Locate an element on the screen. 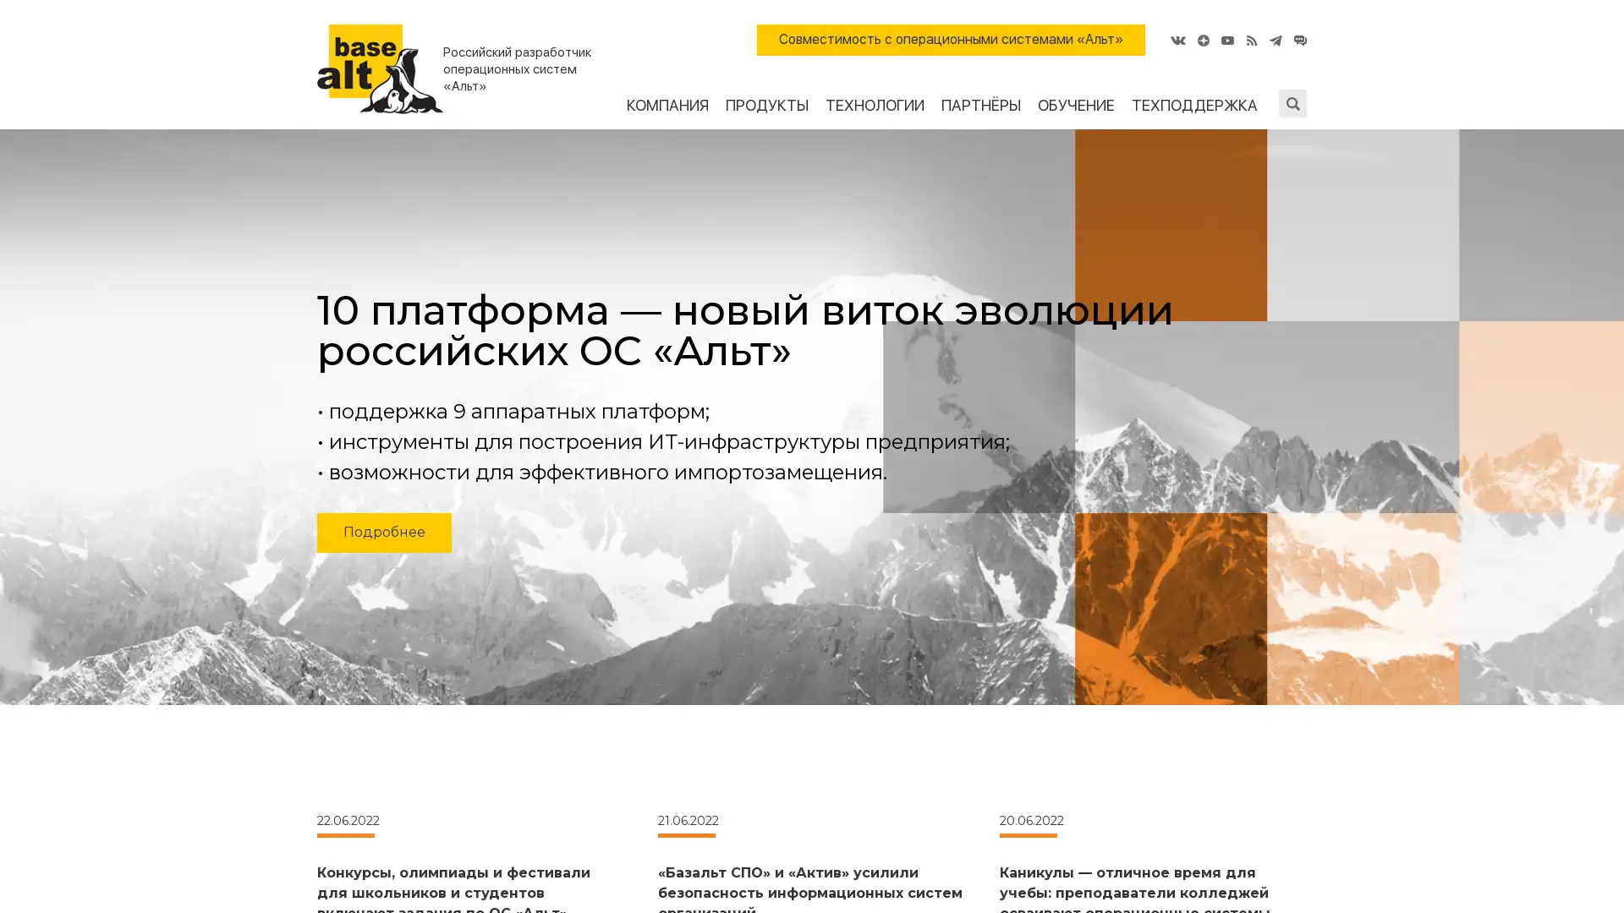  Submit is located at coordinates (1292, 103).